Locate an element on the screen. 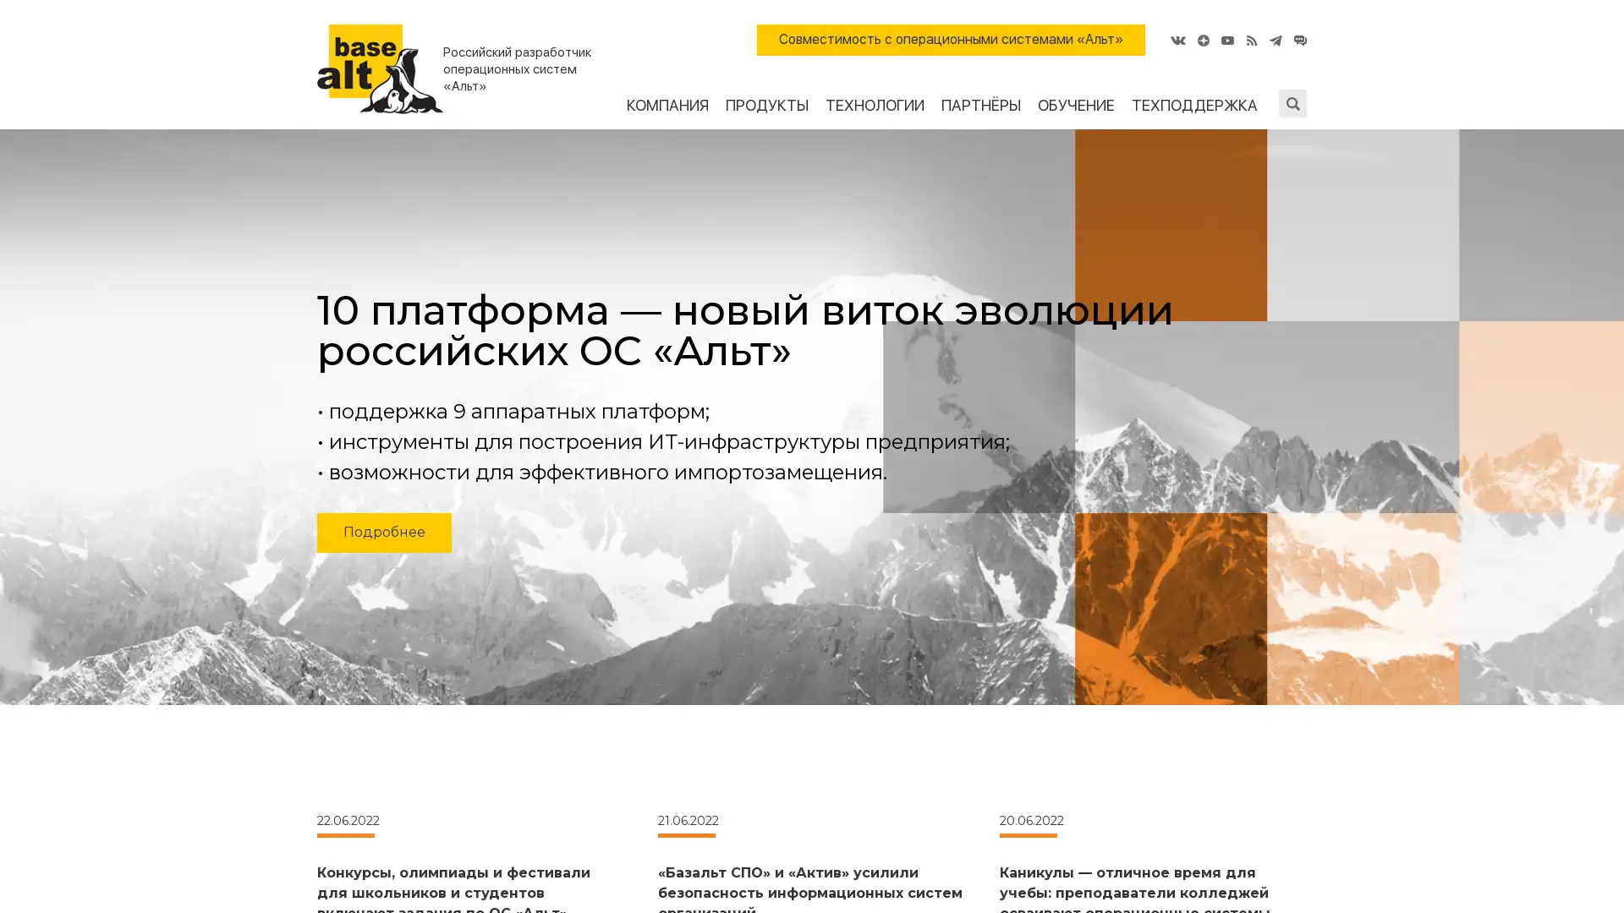  Submit is located at coordinates (1292, 103).